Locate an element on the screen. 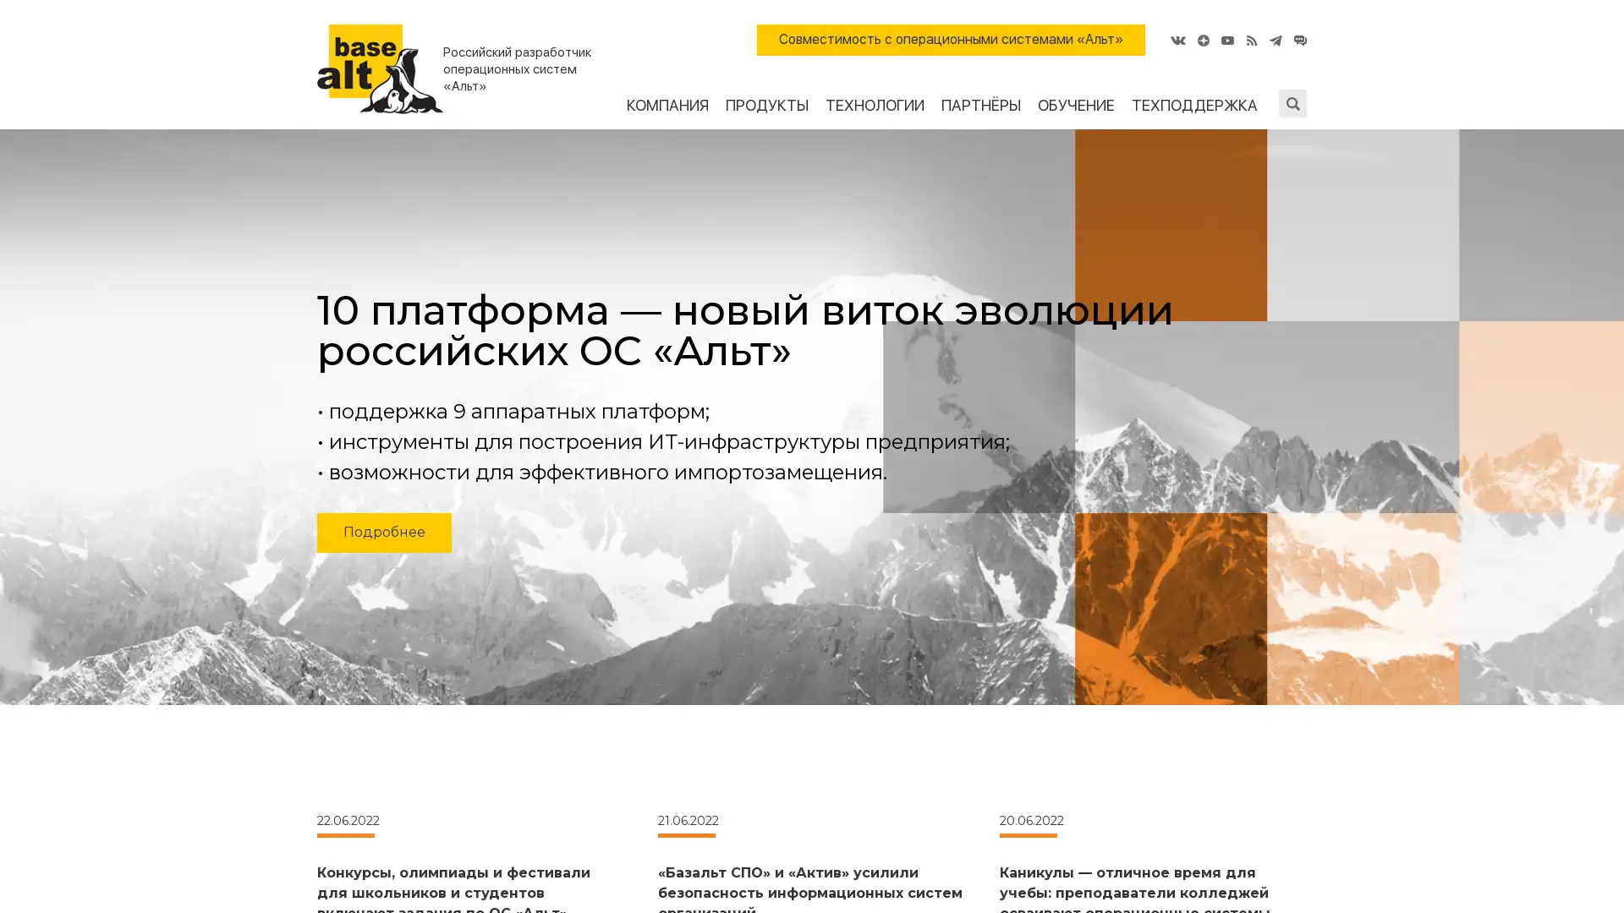  Submit is located at coordinates (1292, 103).